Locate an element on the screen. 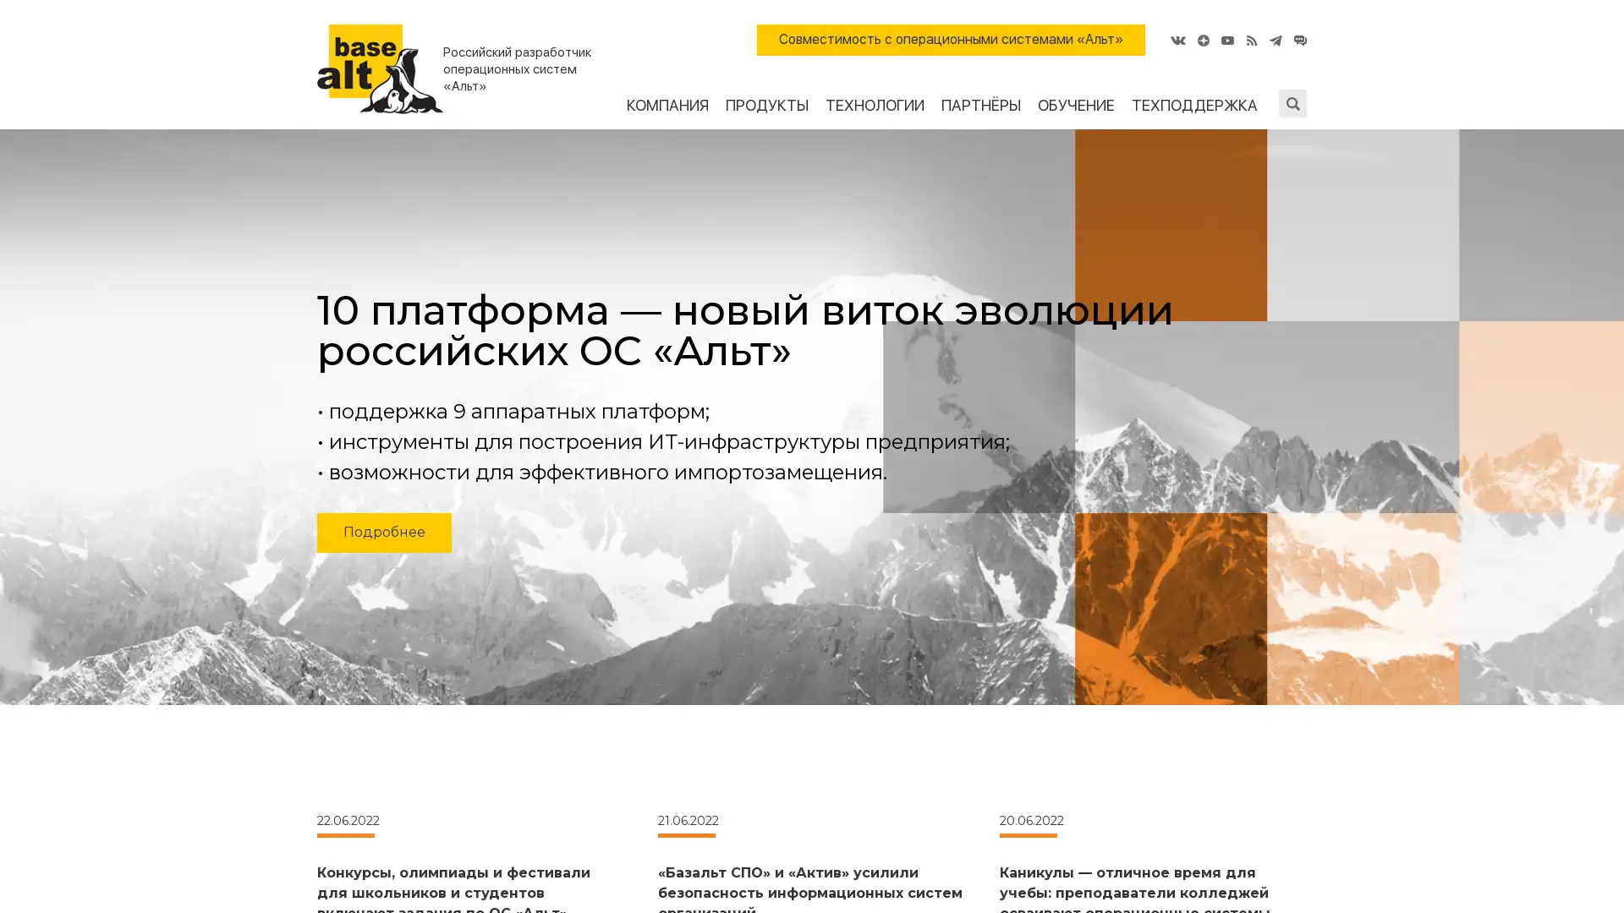  Submit is located at coordinates (1292, 103).